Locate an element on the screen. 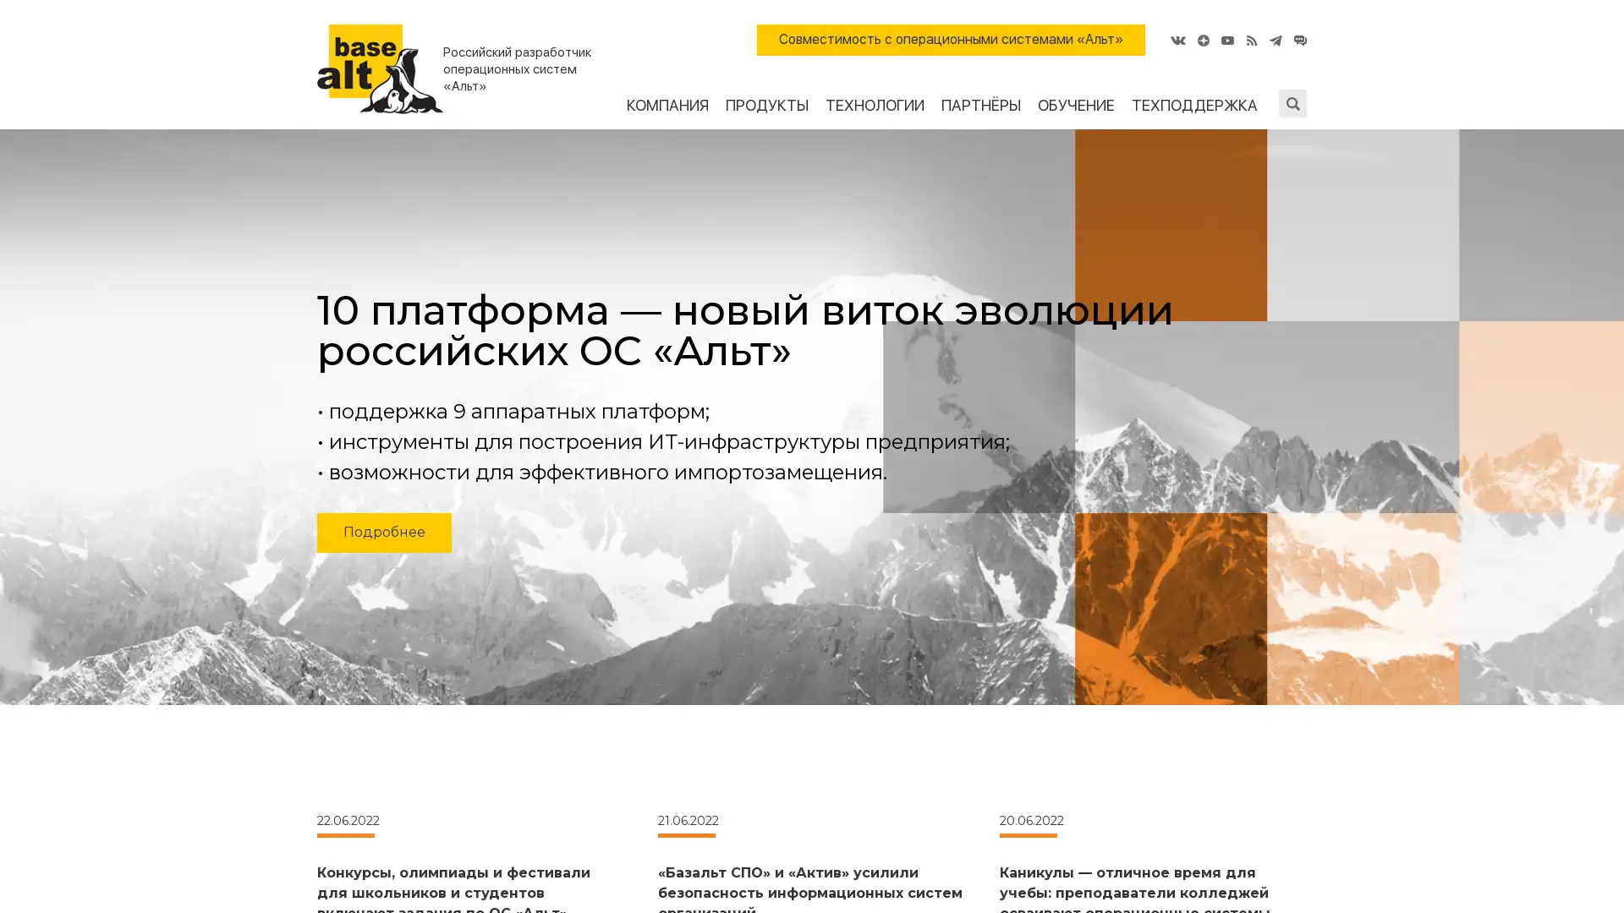  Submit is located at coordinates (1292, 103).